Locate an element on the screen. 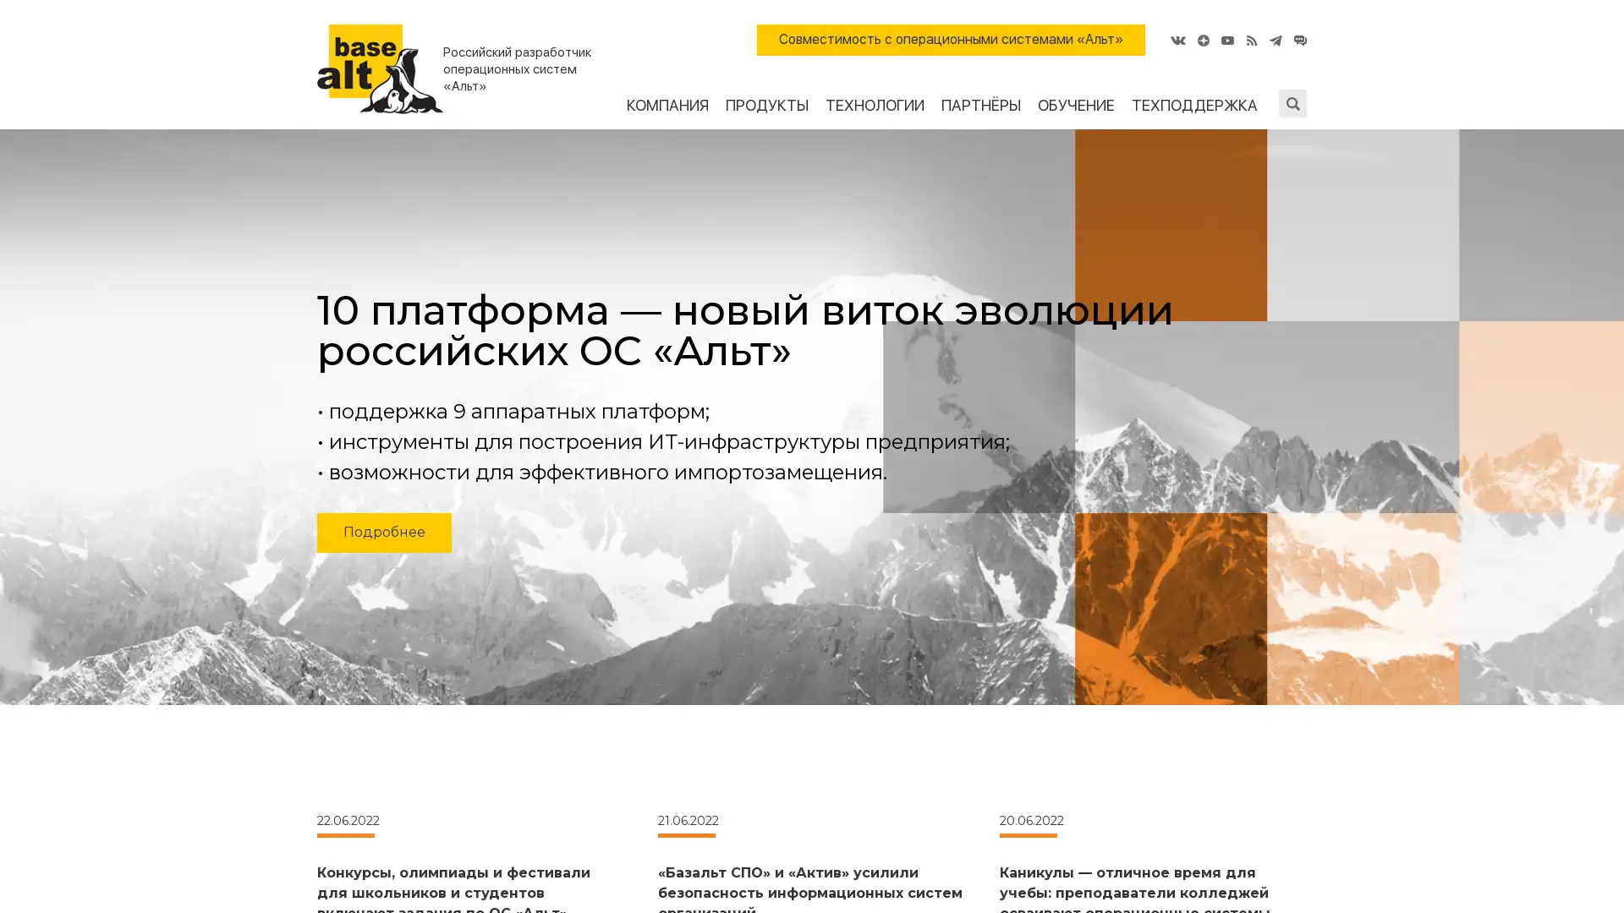  Submit is located at coordinates (1292, 103).